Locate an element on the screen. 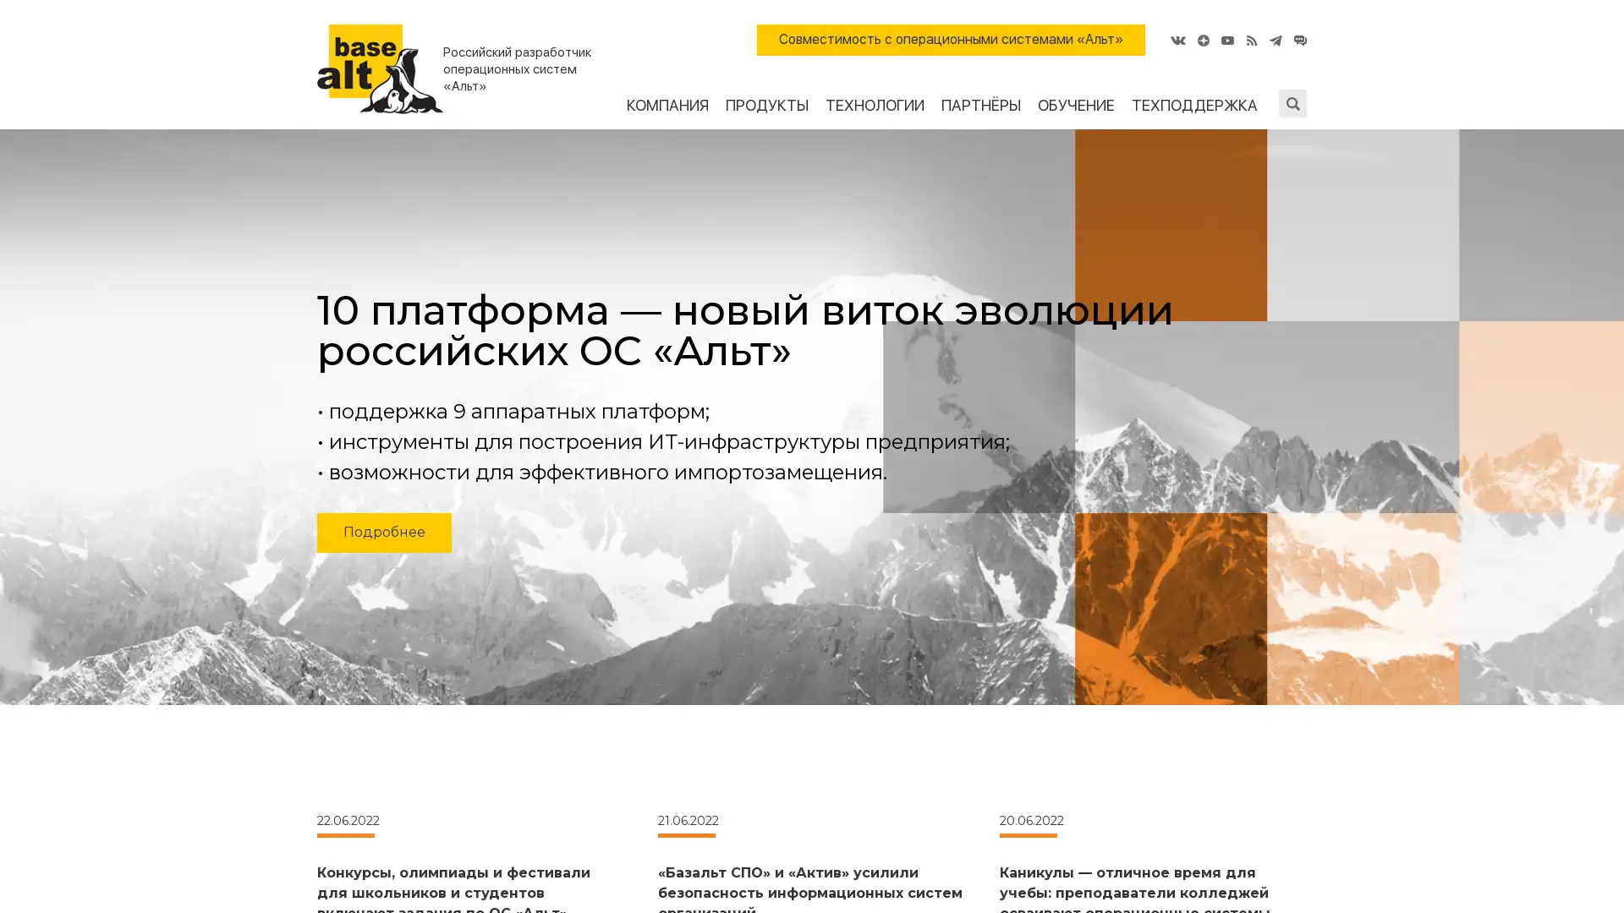  Submit is located at coordinates (1292, 103).